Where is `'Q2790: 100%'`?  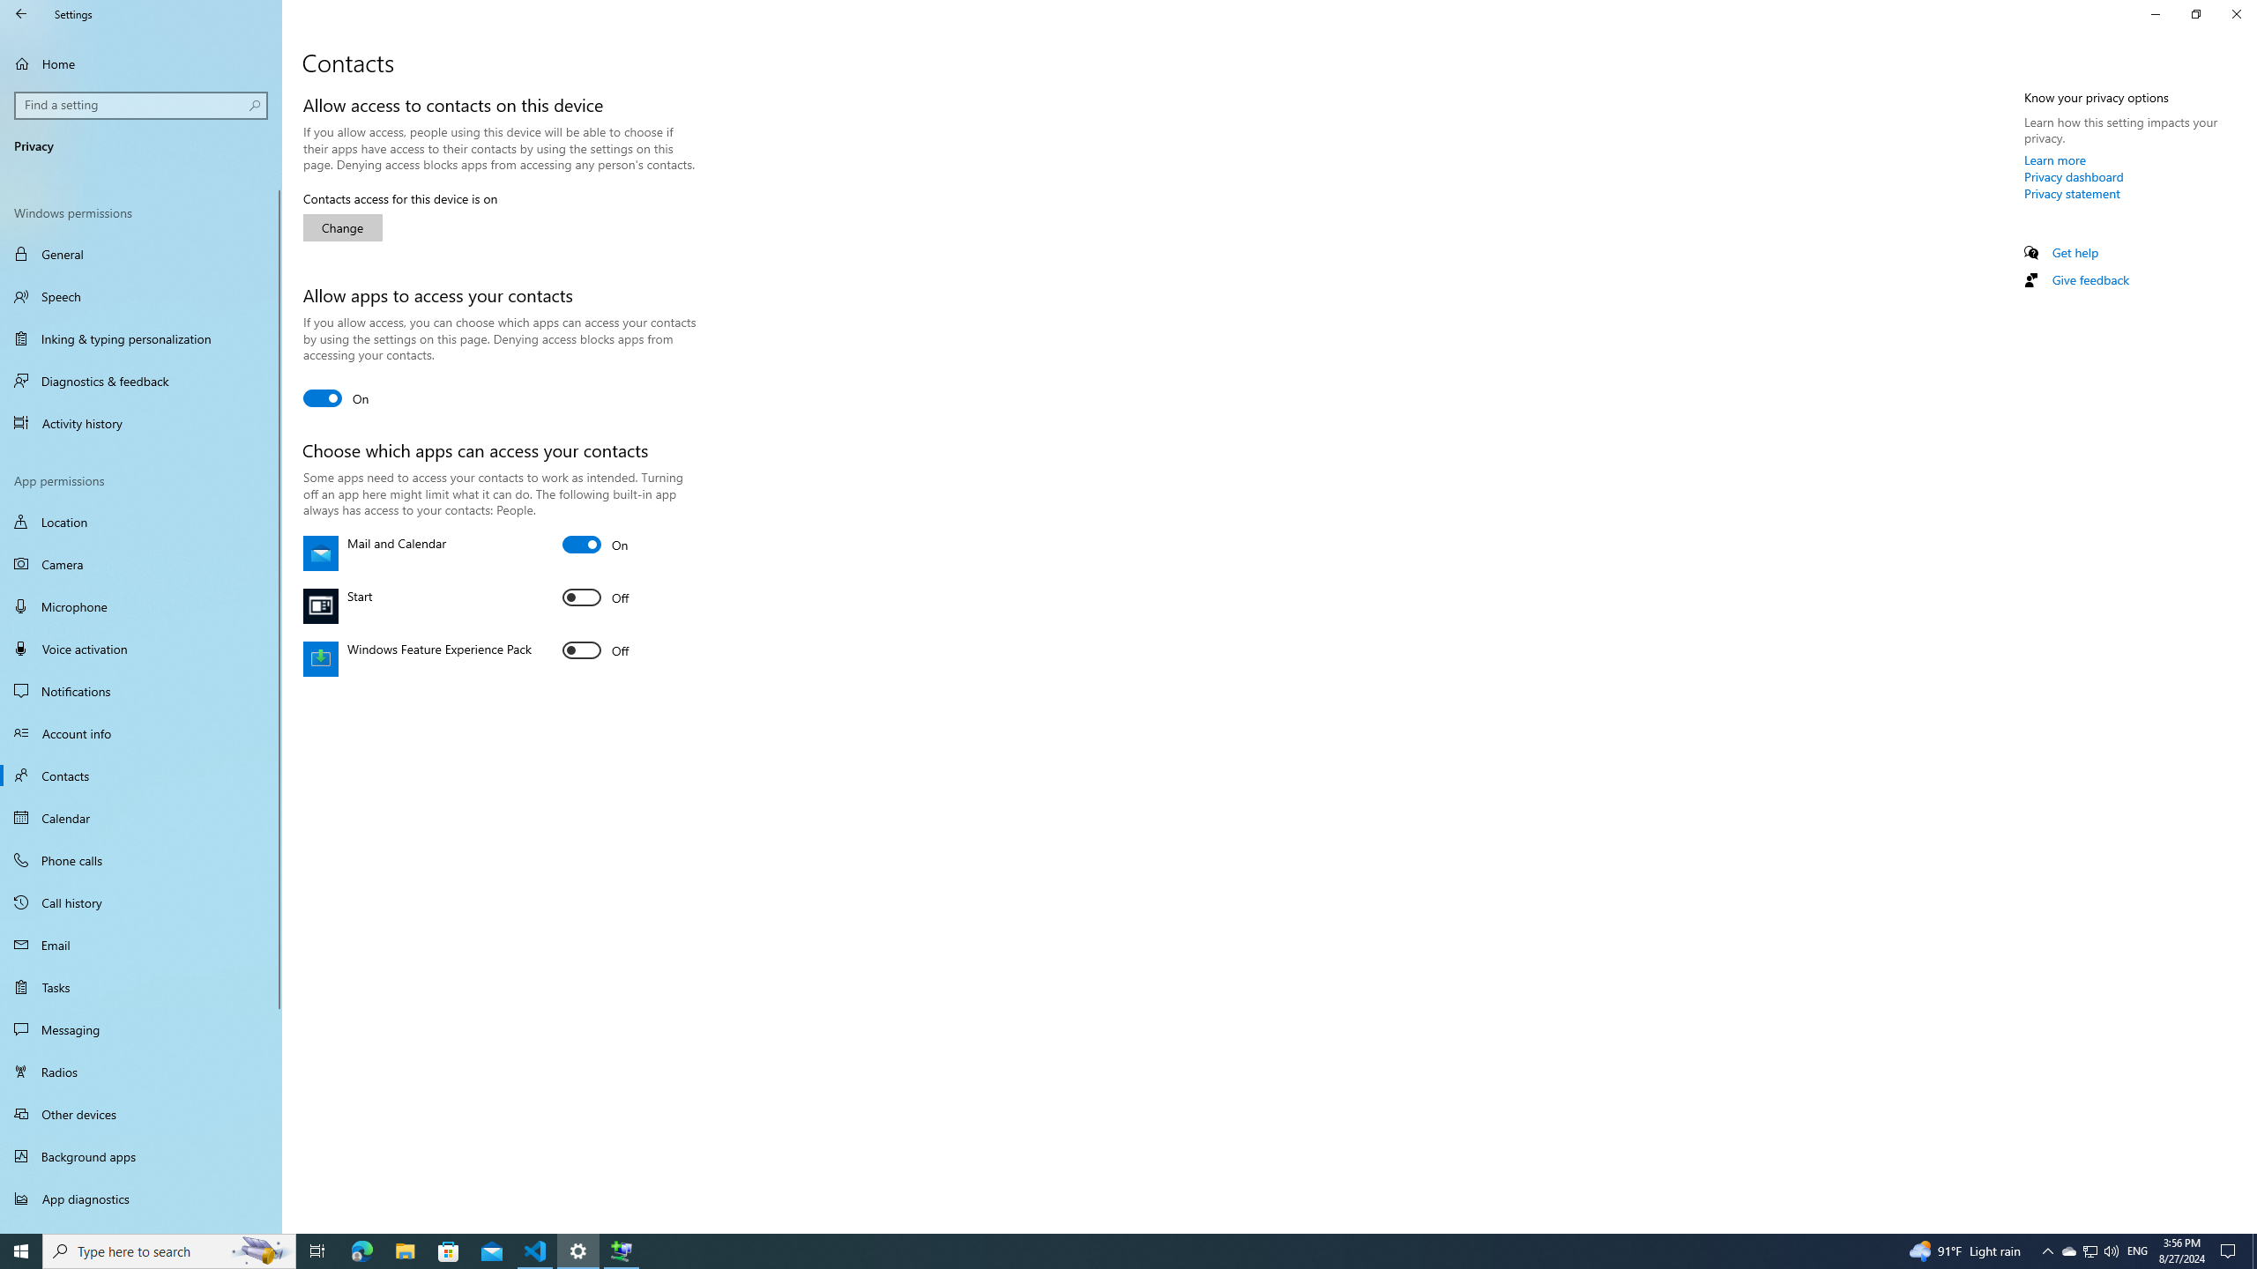 'Q2790: 100%' is located at coordinates (2110, 1250).